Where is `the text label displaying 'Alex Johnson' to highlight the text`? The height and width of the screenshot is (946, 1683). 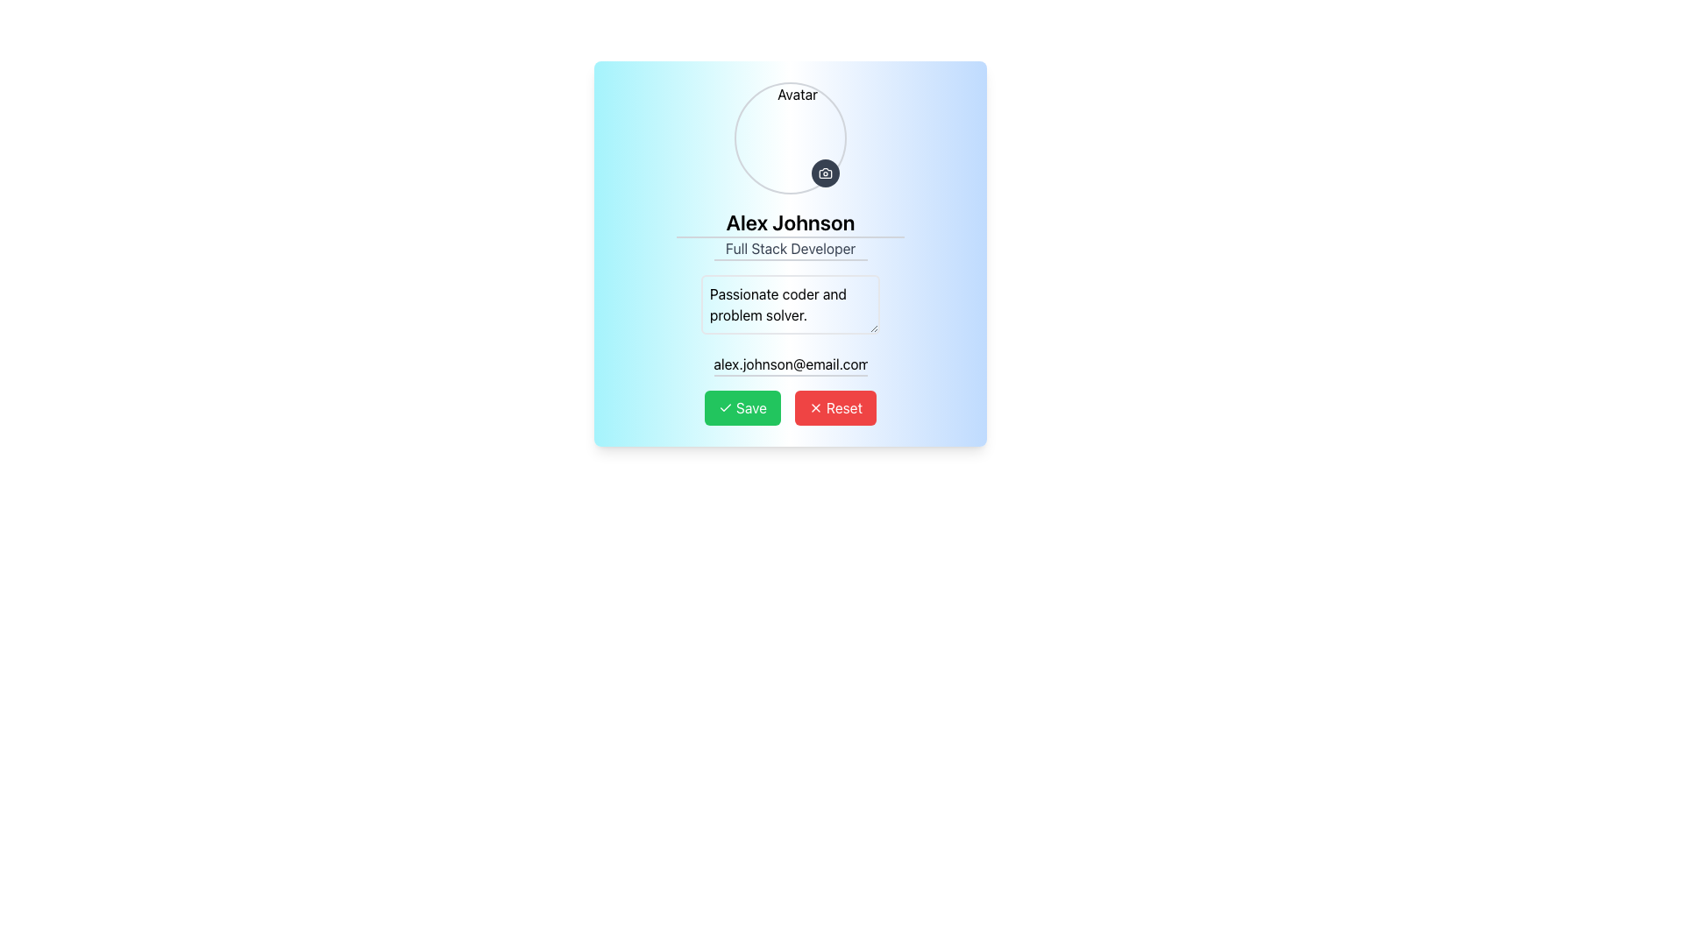 the text label displaying 'Alex Johnson' to highlight the text is located at coordinates (790, 222).